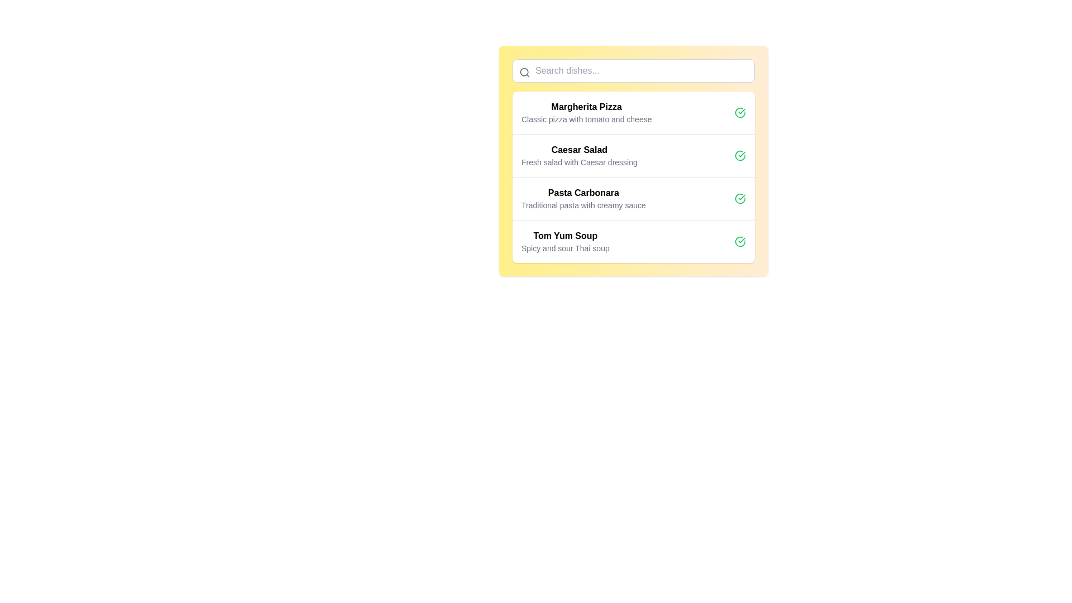 The image size is (1072, 603). Describe the element at coordinates (579, 162) in the screenshot. I see `the text element displaying 'Fresh salad with Caesar dressing' located beneath the title 'Caesar Salad' in the vertically stacked list` at that location.